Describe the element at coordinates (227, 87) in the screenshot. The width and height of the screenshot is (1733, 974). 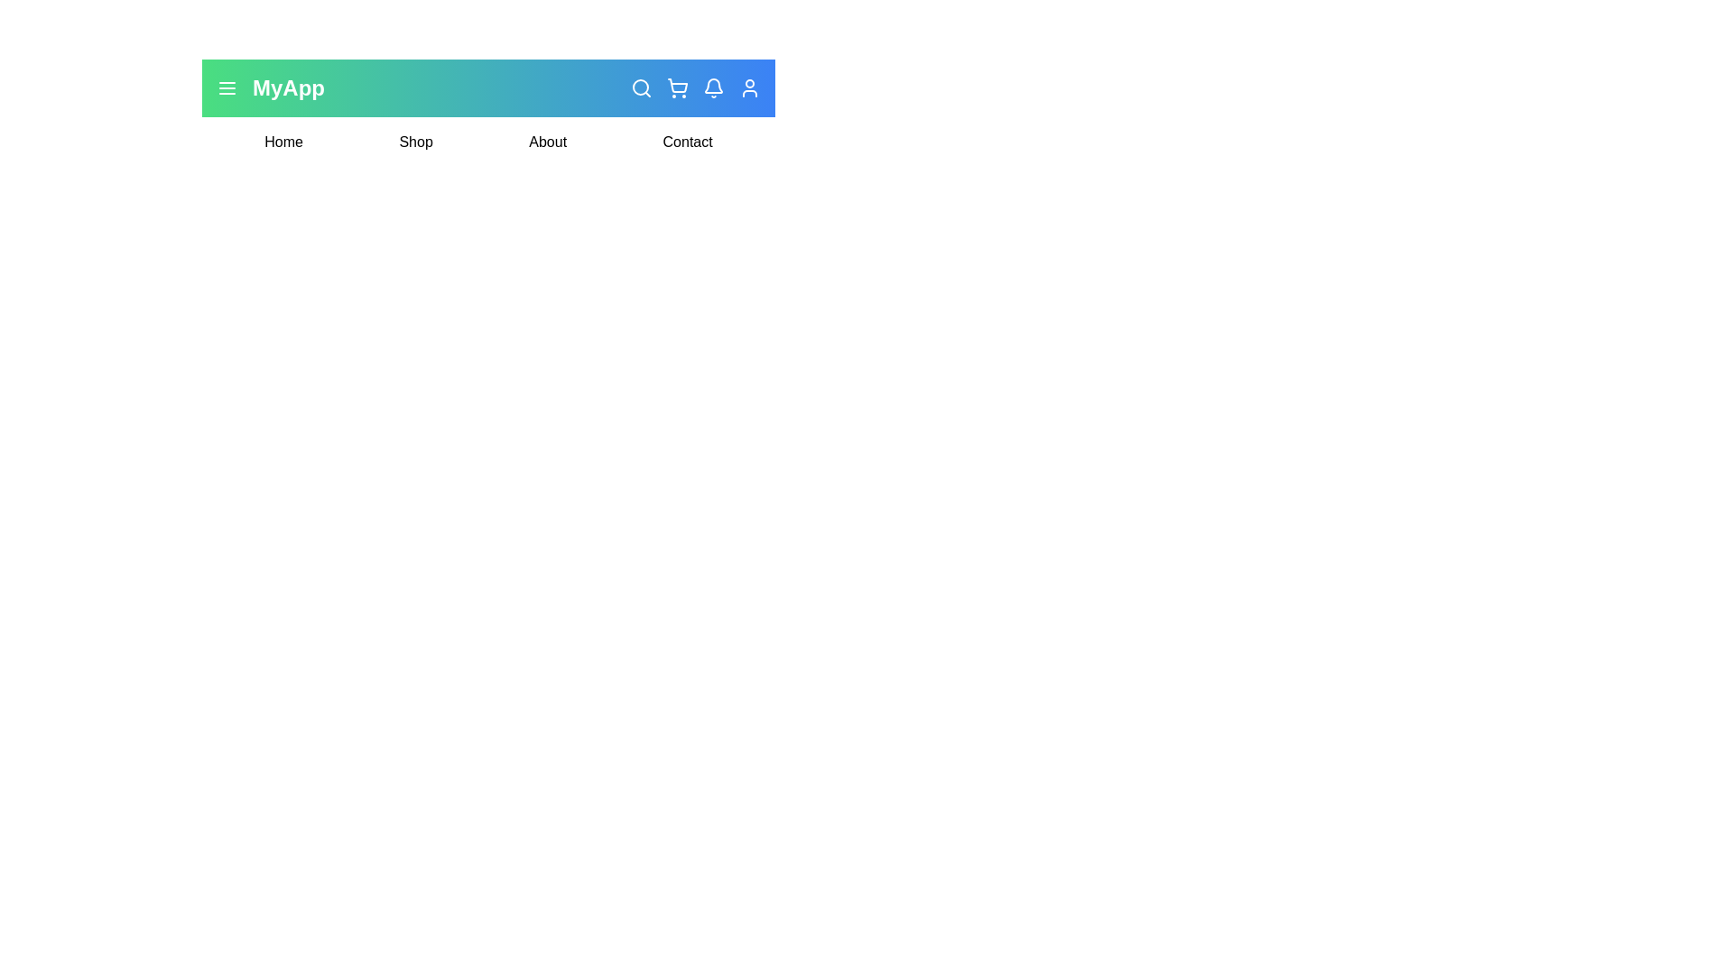
I see `the menu icon to toggle the visibility of the menu` at that location.